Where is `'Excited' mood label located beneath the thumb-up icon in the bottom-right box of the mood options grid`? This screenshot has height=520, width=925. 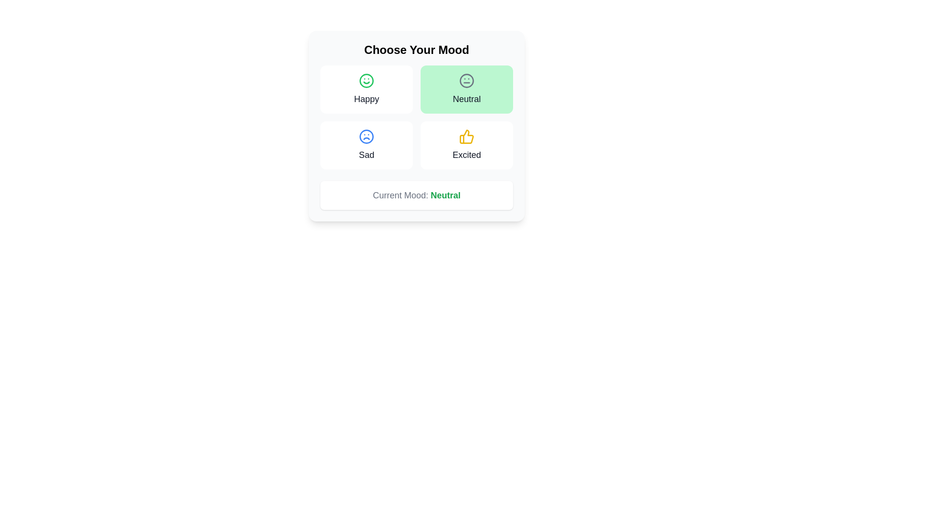 'Excited' mood label located beneath the thumb-up icon in the bottom-right box of the mood options grid is located at coordinates (467, 154).